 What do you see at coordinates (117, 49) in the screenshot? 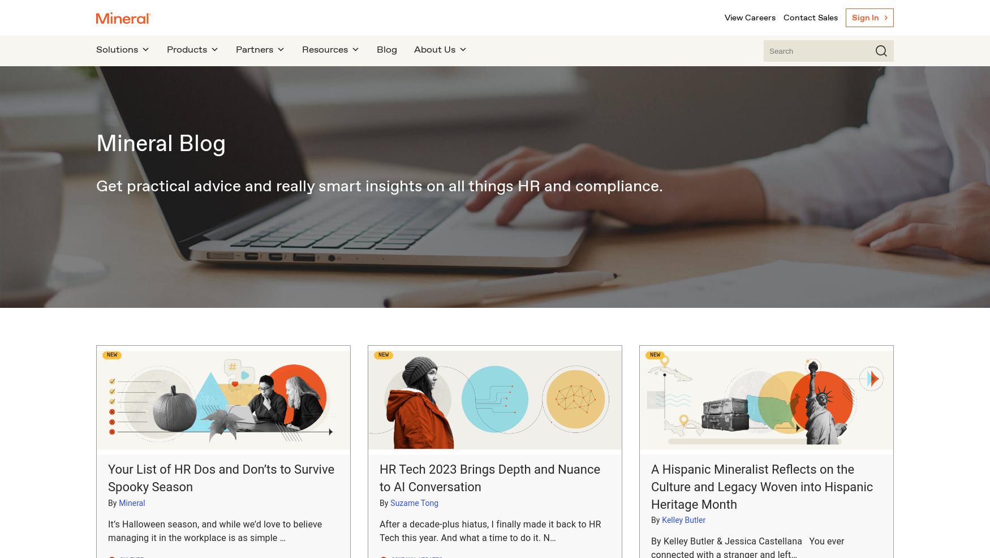
I see `'Solutions'` at bounding box center [117, 49].